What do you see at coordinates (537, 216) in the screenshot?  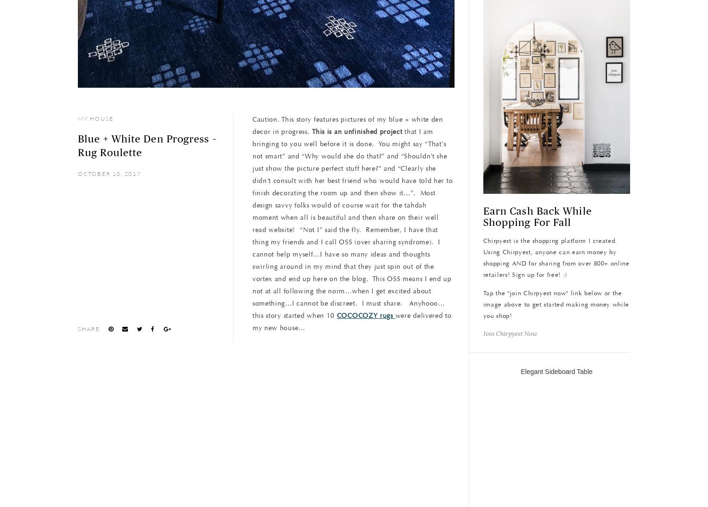 I see `'Earn Cash Back While Shopping For Fall'` at bounding box center [537, 216].